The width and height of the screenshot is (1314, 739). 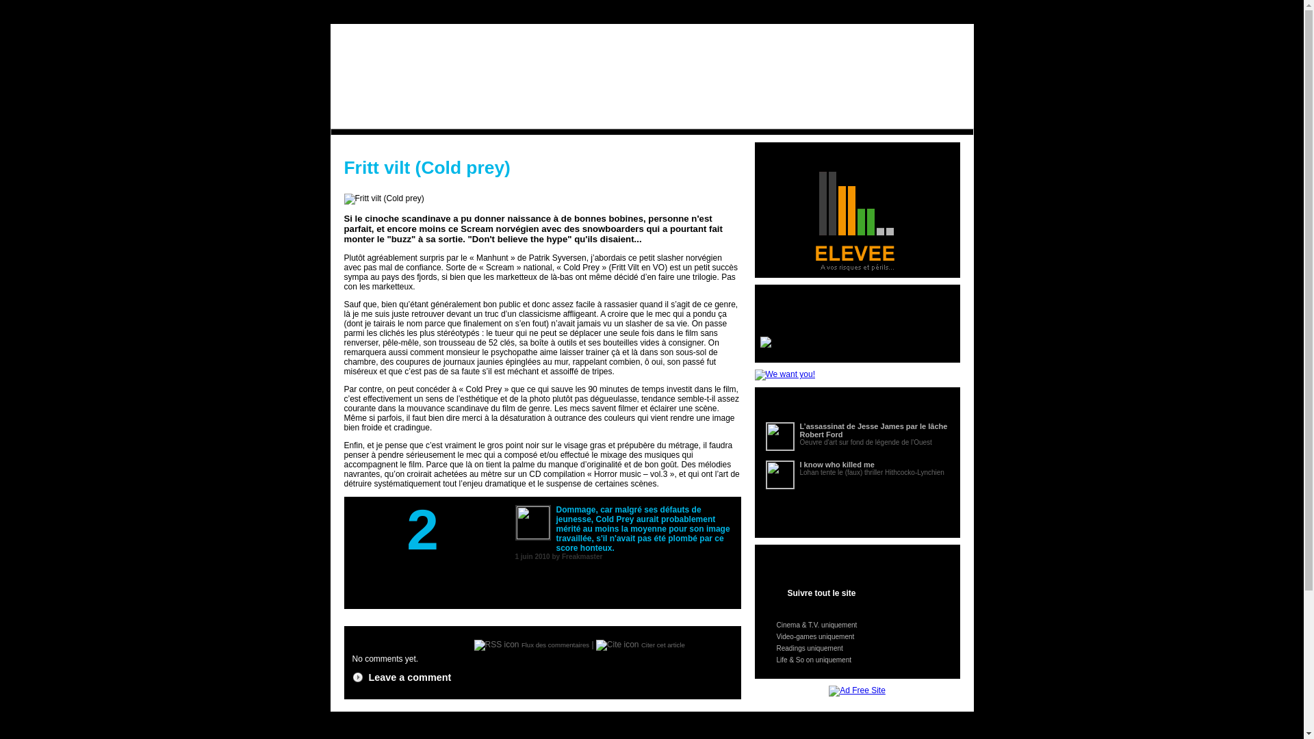 I want to click on 'Life & So on uniquement', so click(x=856, y=659).